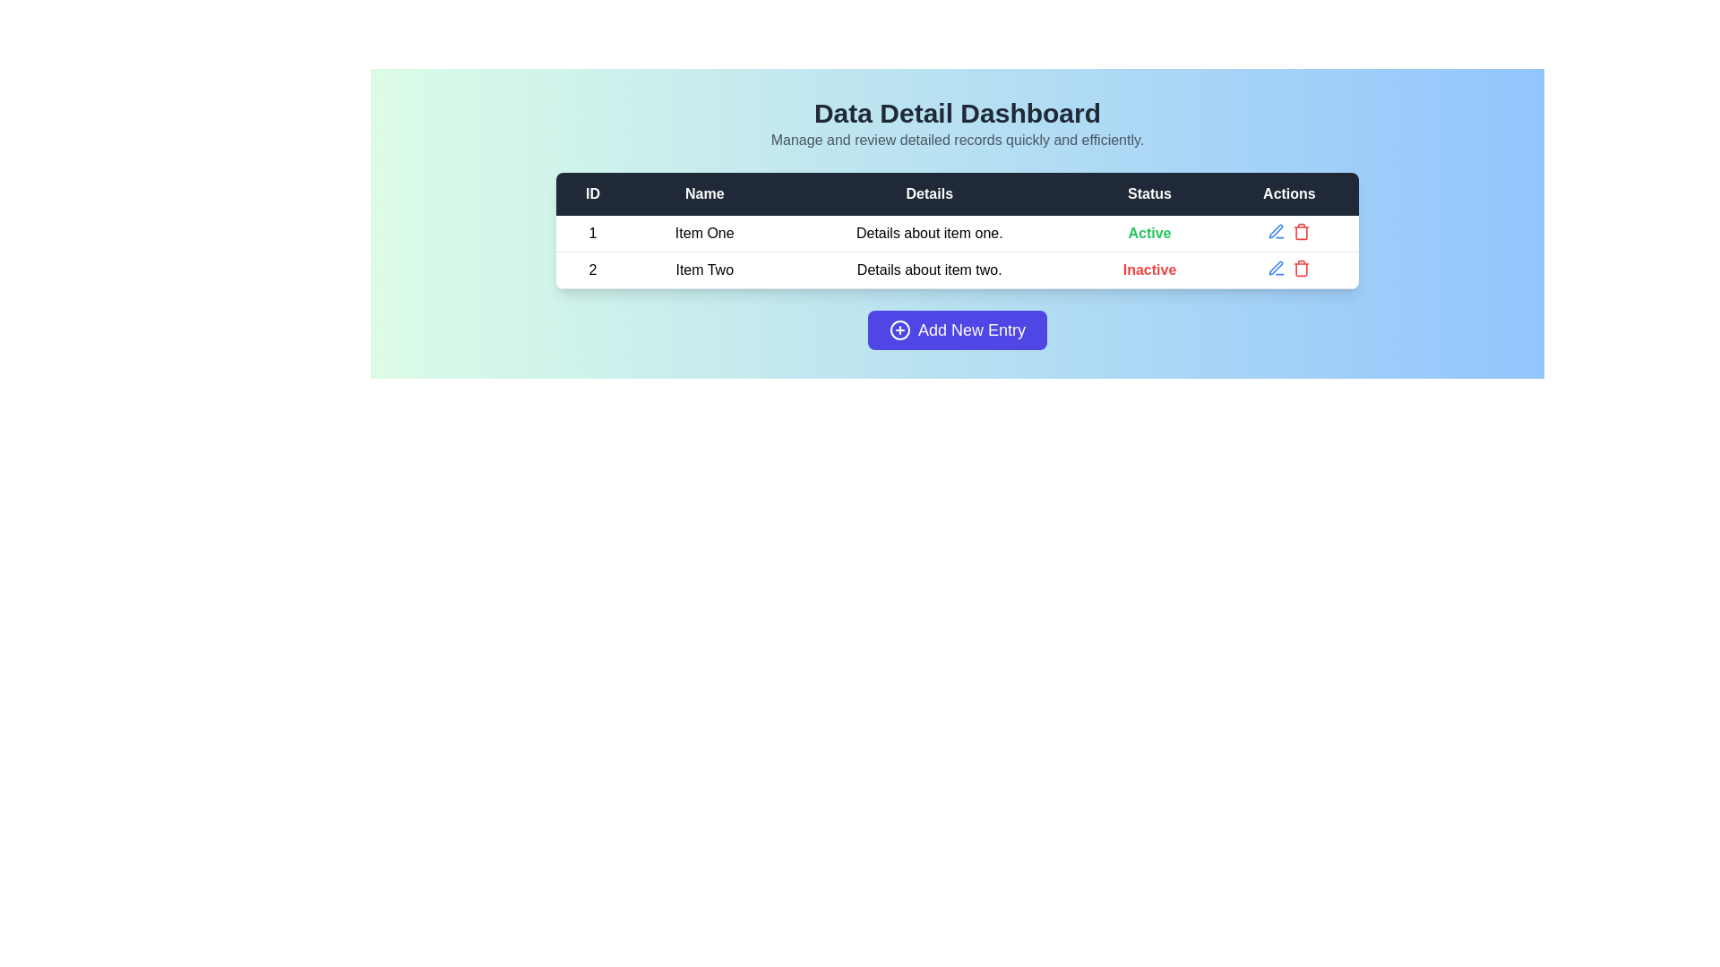  What do you see at coordinates (703, 270) in the screenshot?
I see `the text label 'Item Two' from the second row of the table under the 'Name' column` at bounding box center [703, 270].